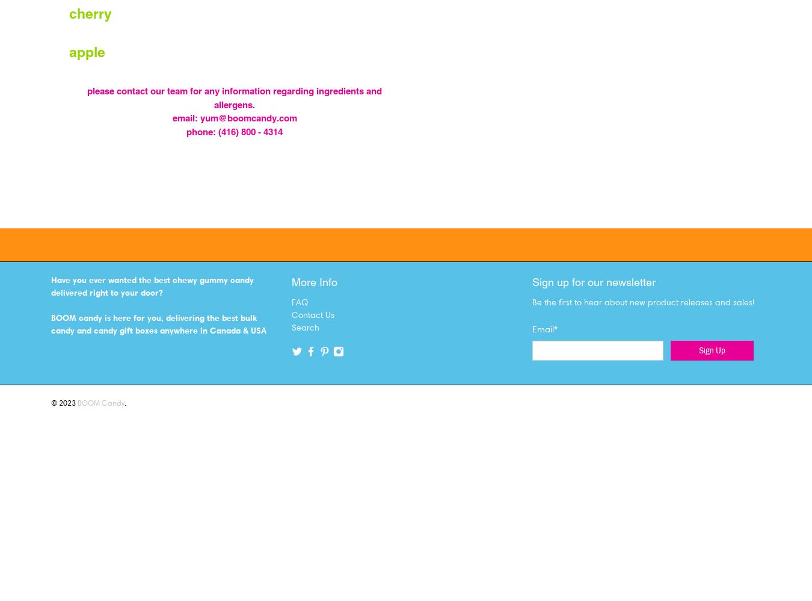 The image size is (812, 601). Describe the element at coordinates (235, 130) in the screenshot. I see `'phone: (416) 800 - 4314'` at that location.